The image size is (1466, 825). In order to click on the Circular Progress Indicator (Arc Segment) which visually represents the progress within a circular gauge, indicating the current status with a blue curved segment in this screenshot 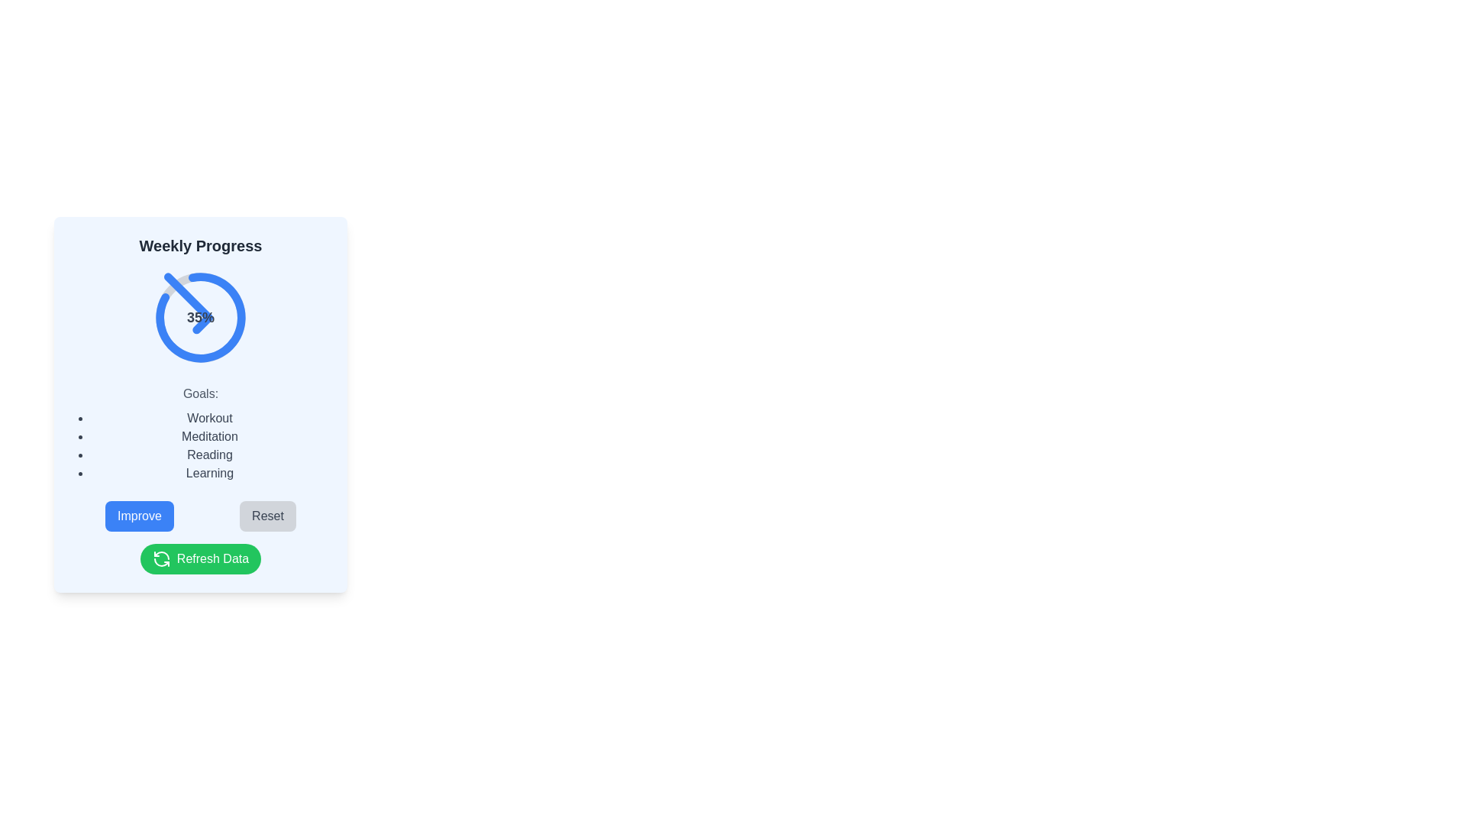, I will do `click(200, 317)`.